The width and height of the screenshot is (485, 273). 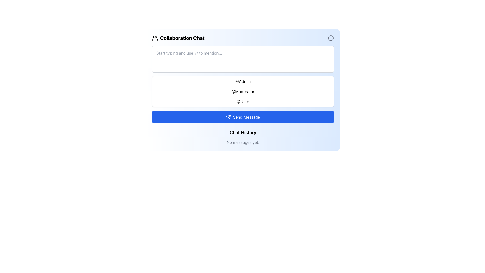 I want to click on the Informational icon in the top-right corner of the 'Collaboration Chat' header, so click(x=331, y=38).